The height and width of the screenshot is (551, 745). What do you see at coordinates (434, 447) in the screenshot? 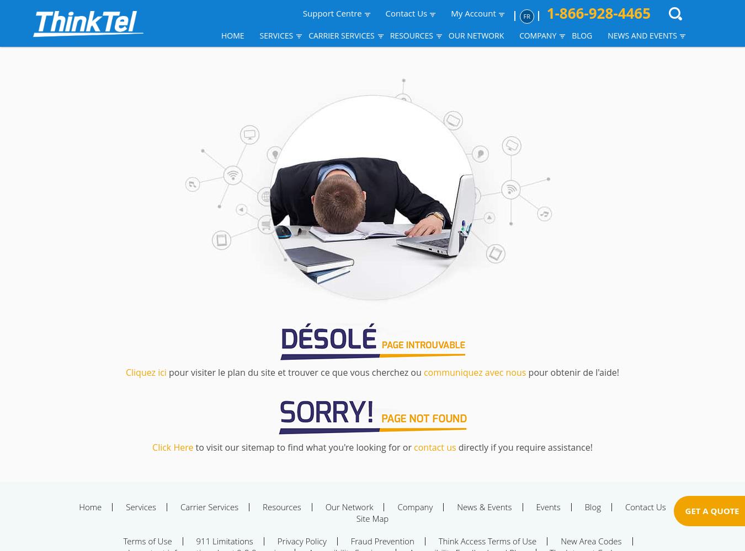
I see `'contact us'` at bounding box center [434, 447].